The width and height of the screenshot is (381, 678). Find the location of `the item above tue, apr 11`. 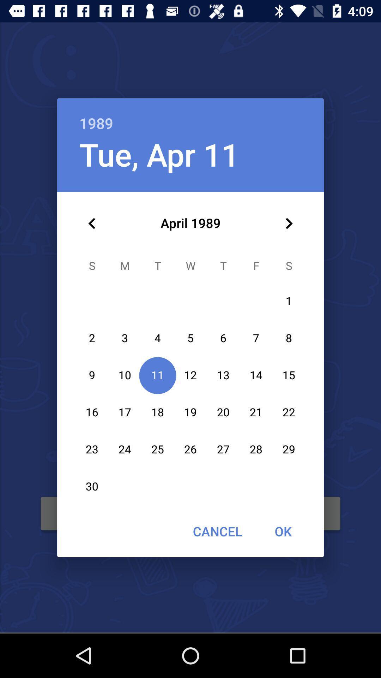

the item above tue, apr 11 is located at coordinates (190, 115).